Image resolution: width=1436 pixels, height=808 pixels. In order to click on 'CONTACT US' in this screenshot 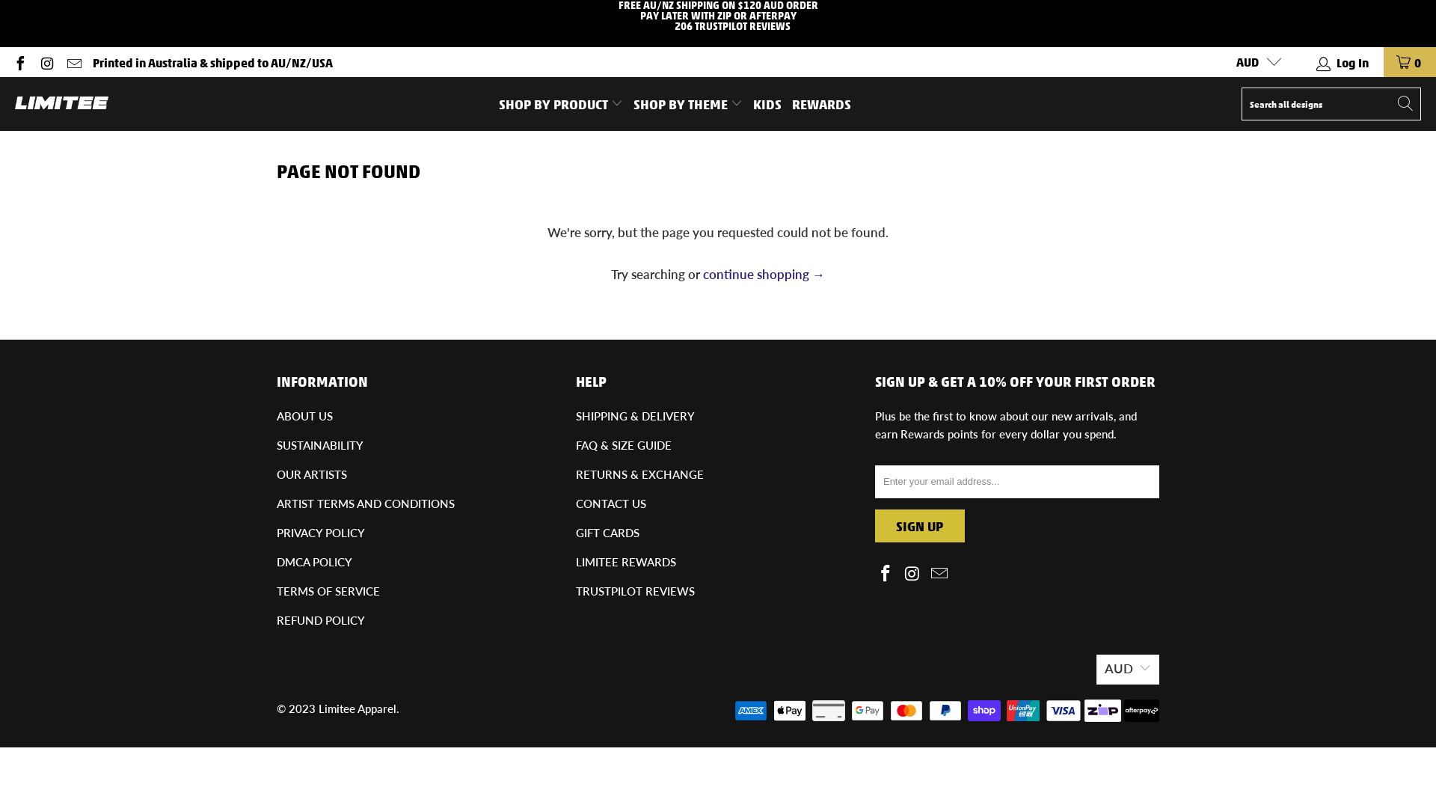, I will do `click(610, 503)`.